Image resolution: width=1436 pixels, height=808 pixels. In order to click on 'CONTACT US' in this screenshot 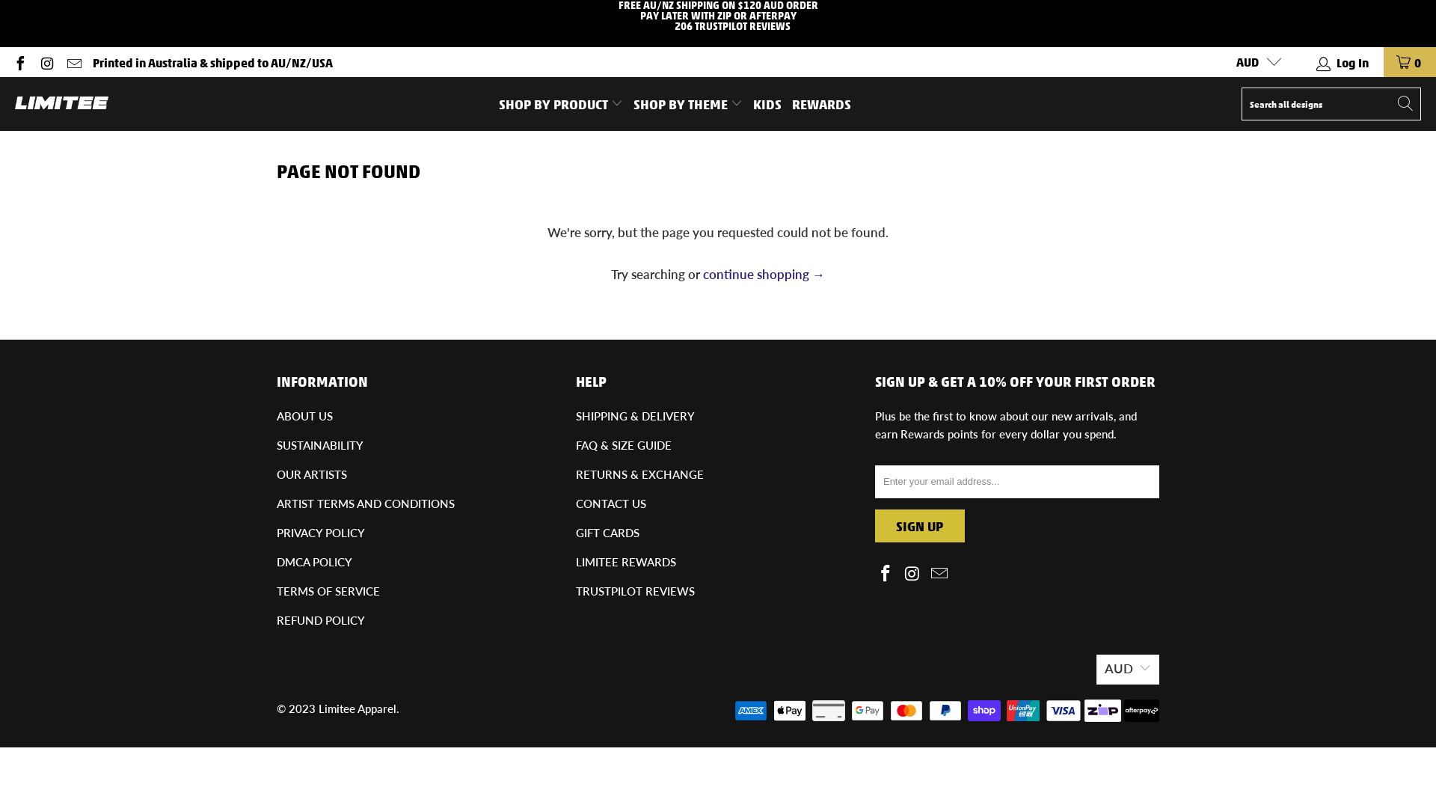, I will do `click(610, 503)`.